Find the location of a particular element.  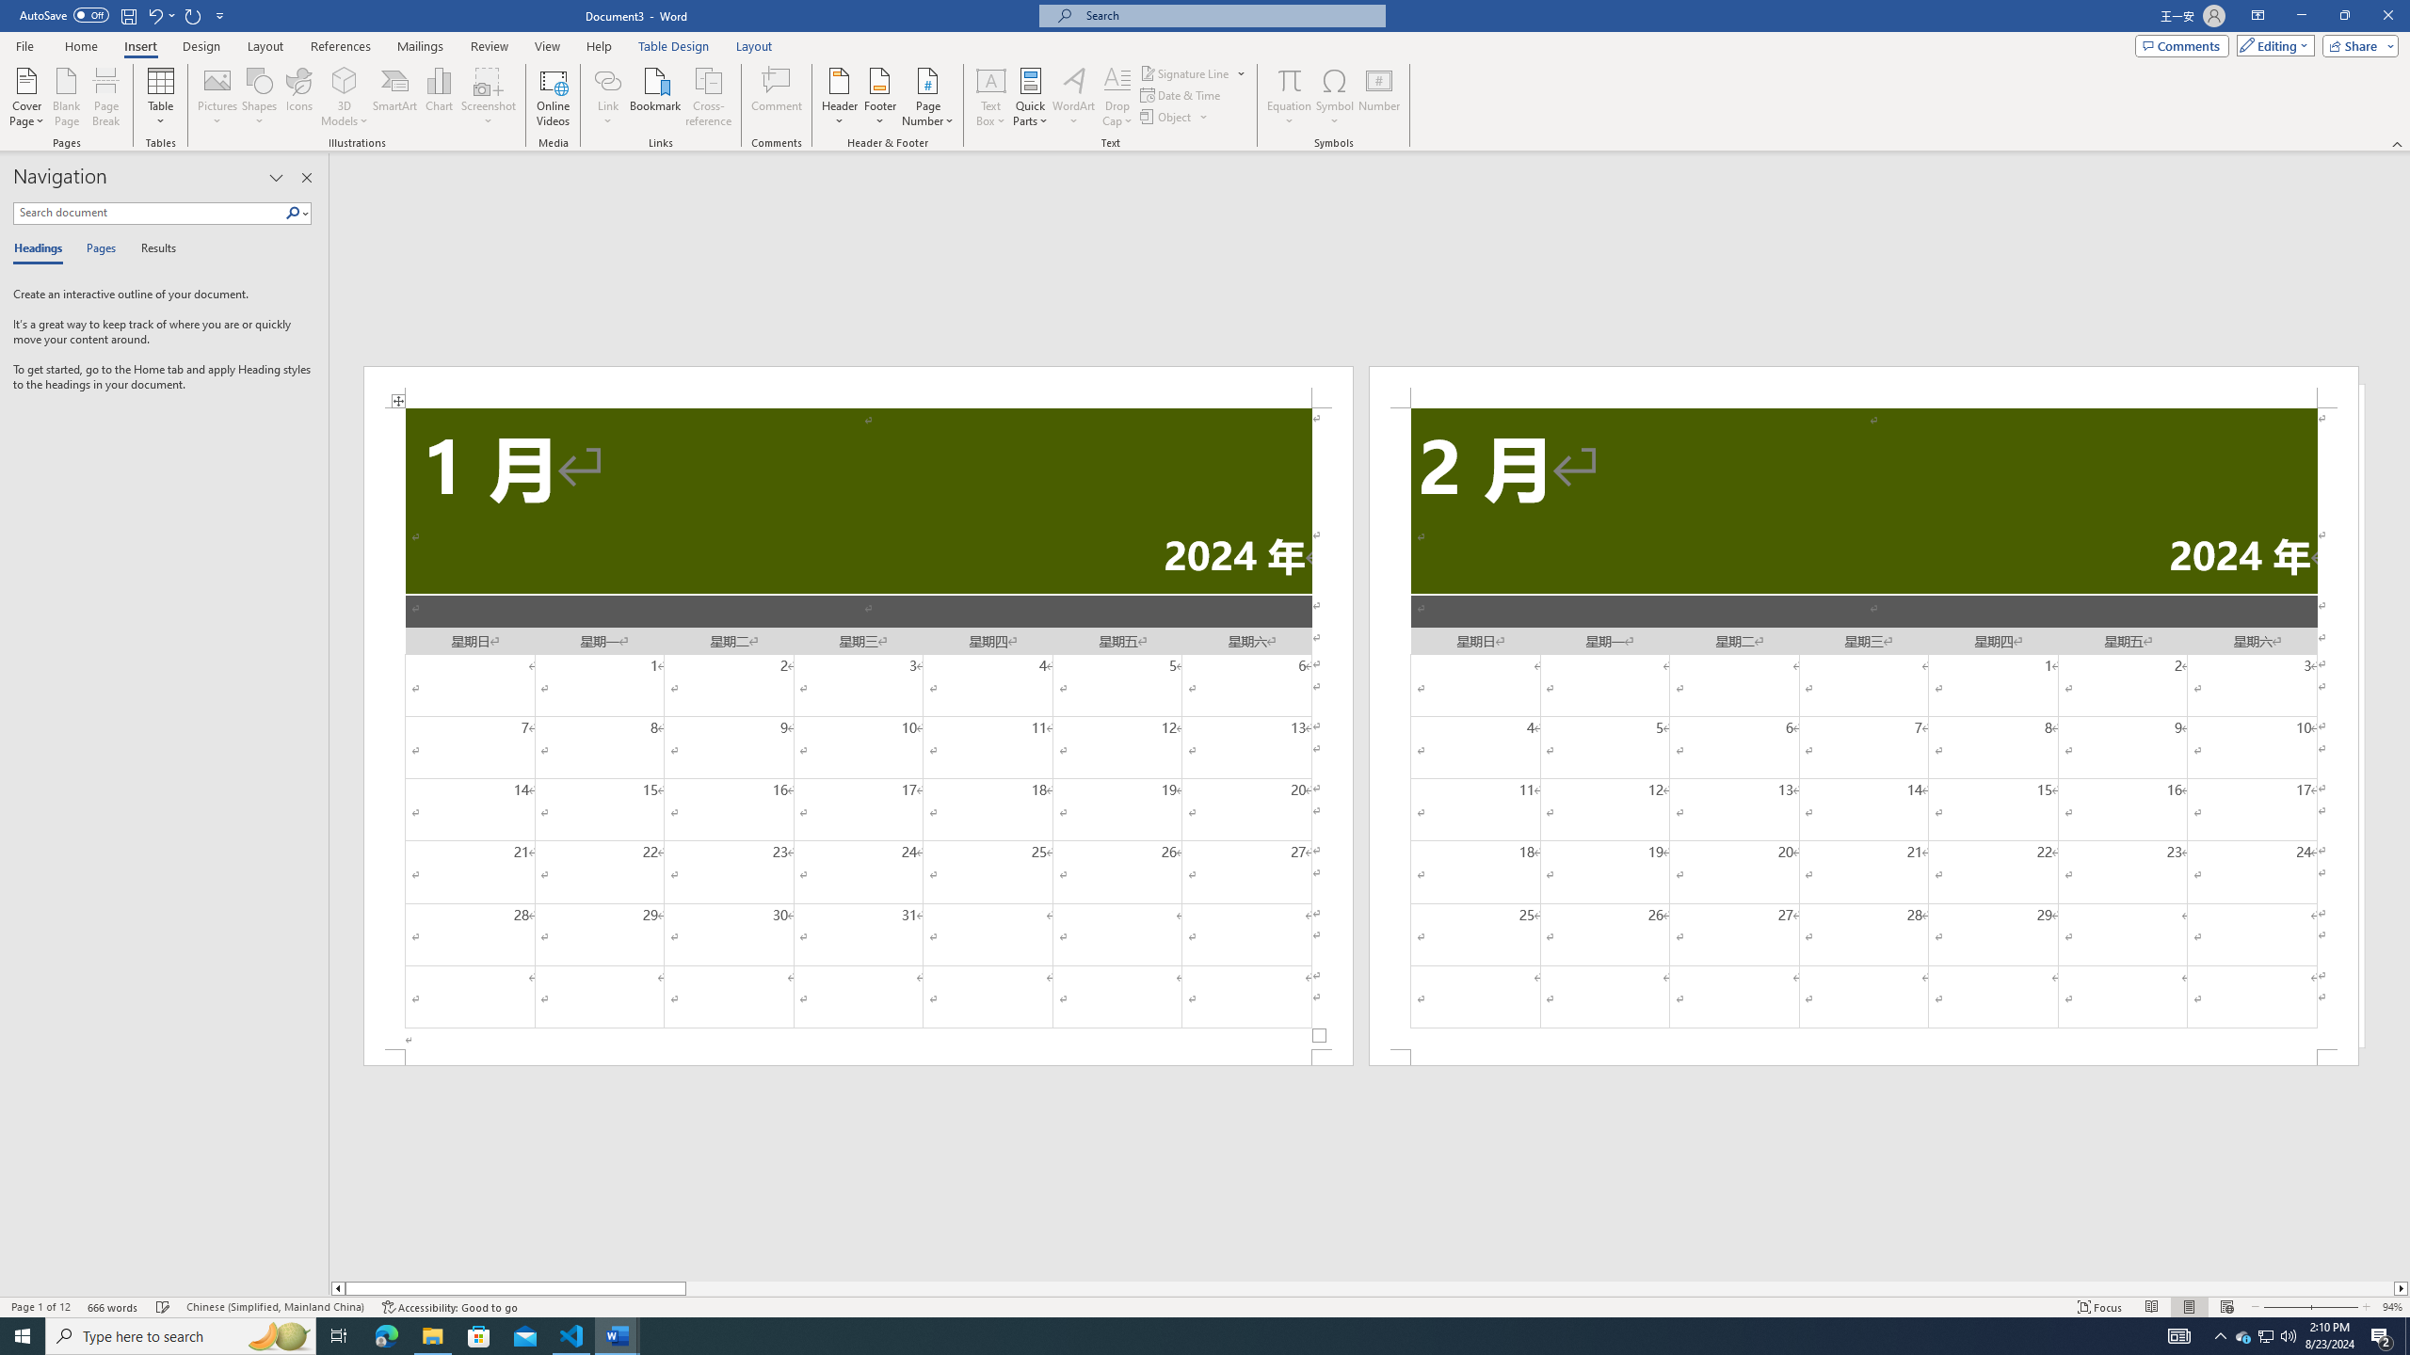

'Cross-reference...' is located at coordinates (709, 97).